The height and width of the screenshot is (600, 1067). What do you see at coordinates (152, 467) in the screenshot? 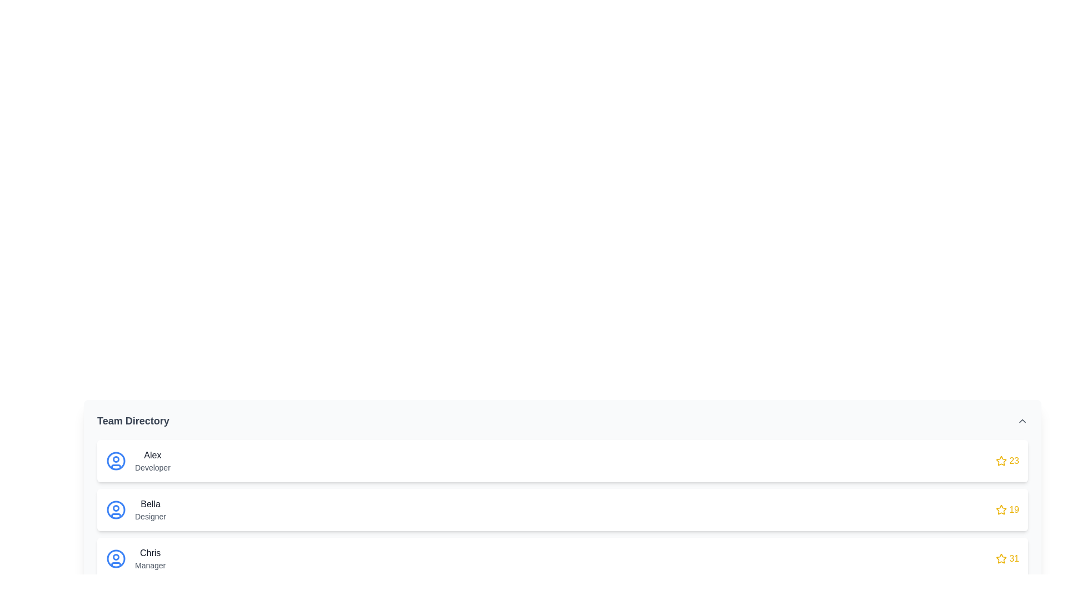
I see `static text label displaying 'Developer' located directly beneath 'Alex' in the 'Team Directory' section` at bounding box center [152, 467].